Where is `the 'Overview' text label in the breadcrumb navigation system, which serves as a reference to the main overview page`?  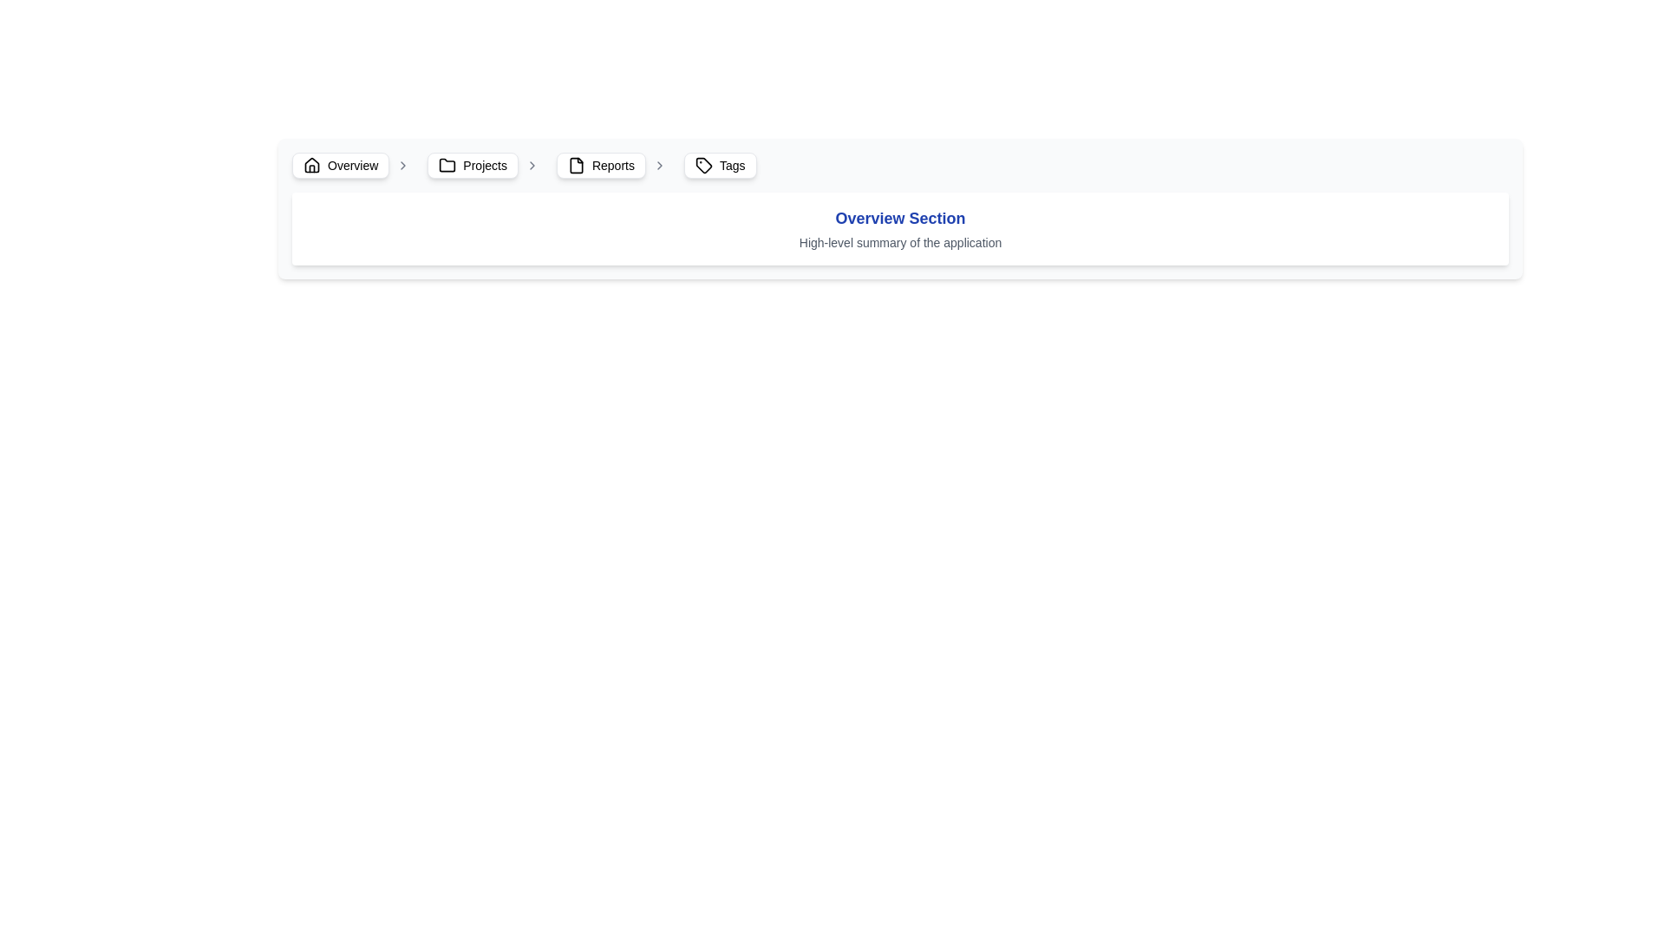 the 'Overview' text label in the breadcrumb navigation system, which serves as a reference to the main overview page is located at coordinates (352, 166).